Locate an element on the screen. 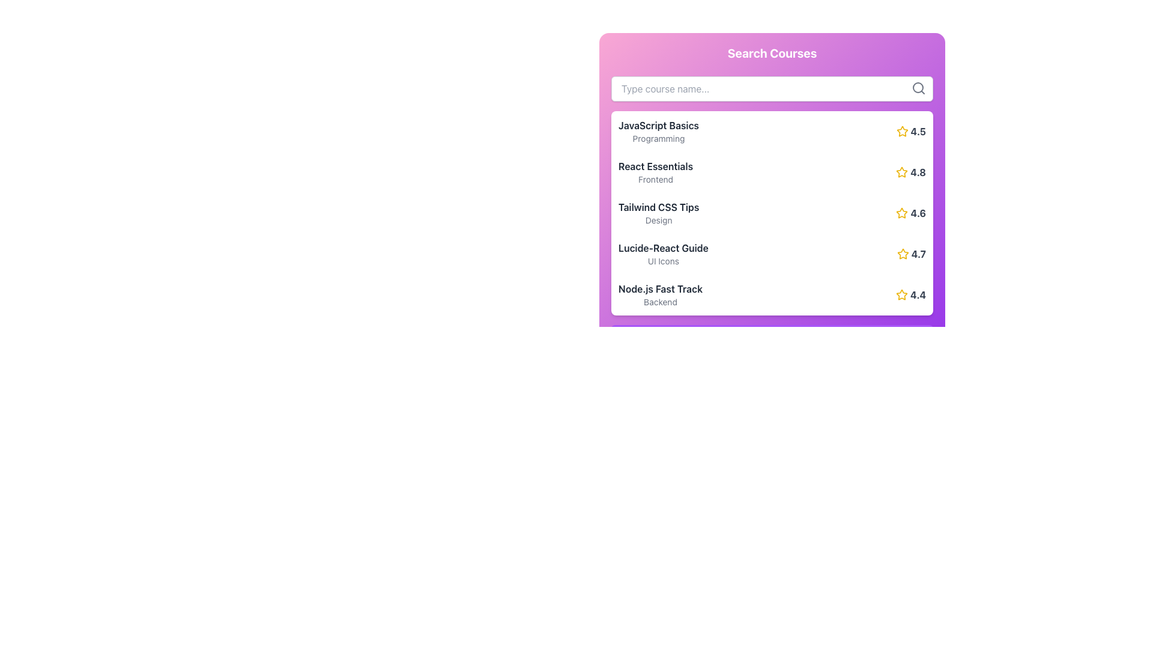 The image size is (1153, 649). the rating indicator for the 'Lucide-React Guide' course, which includes a star icon and a numerical value, located in the fourth row of the vertically stacked list is located at coordinates (911, 254).